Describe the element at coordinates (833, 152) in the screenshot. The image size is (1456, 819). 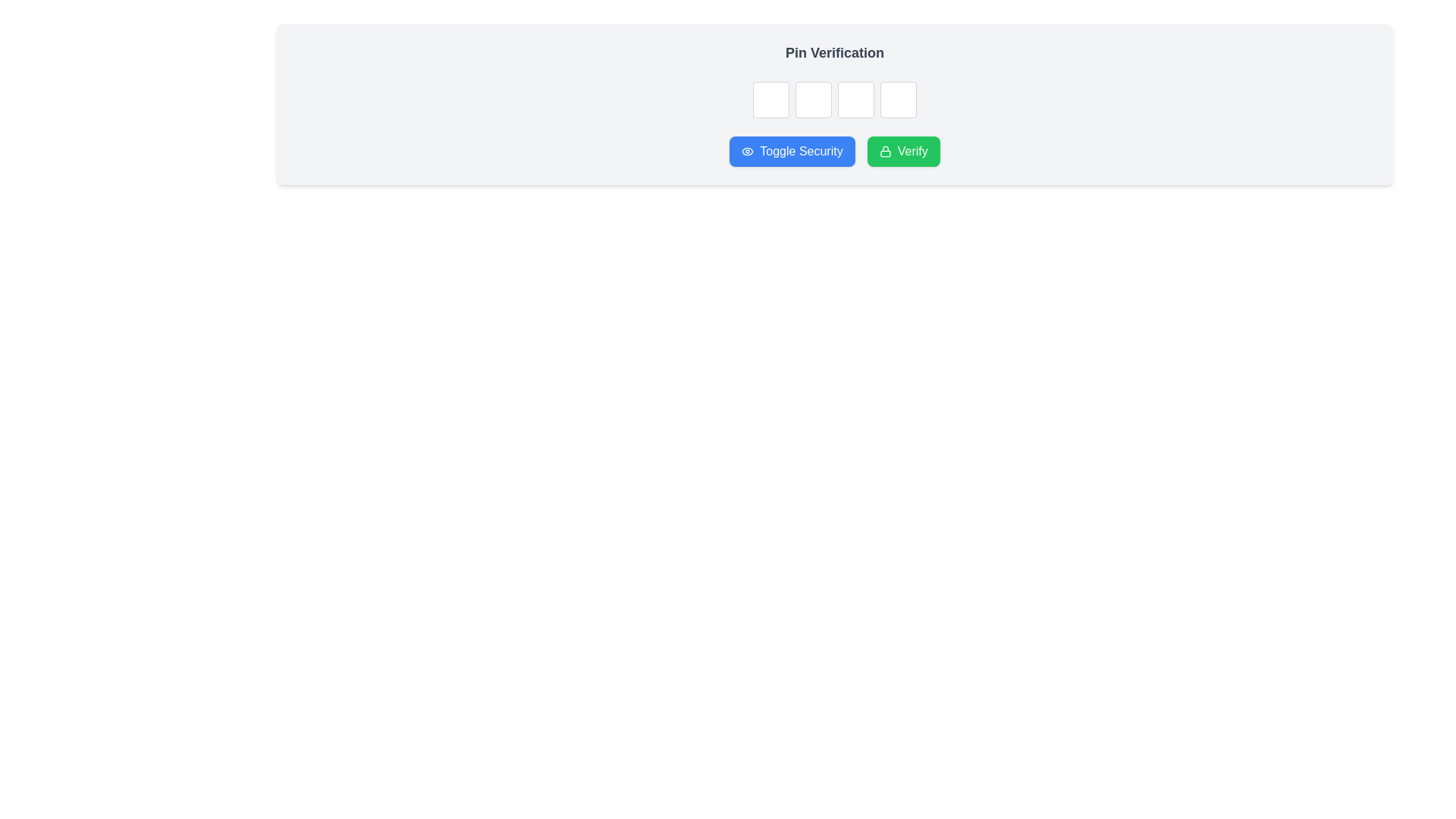
I see `the button labeled 'Toggle Security' which has a blue background and white text for additional visual feedback` at that location.